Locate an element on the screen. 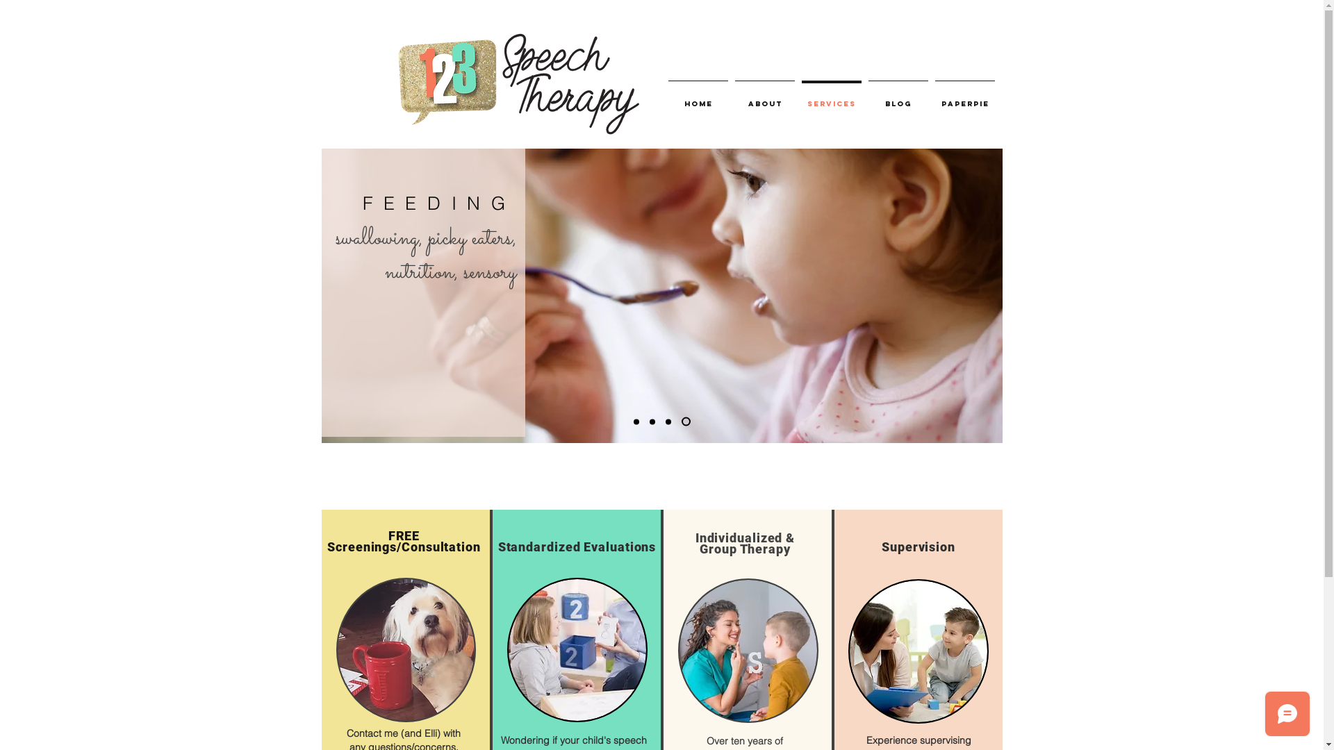 Image resolution: width=1334 pixels, height=750 pixels. 'ABOUT' is located at coordinates (764, 97).